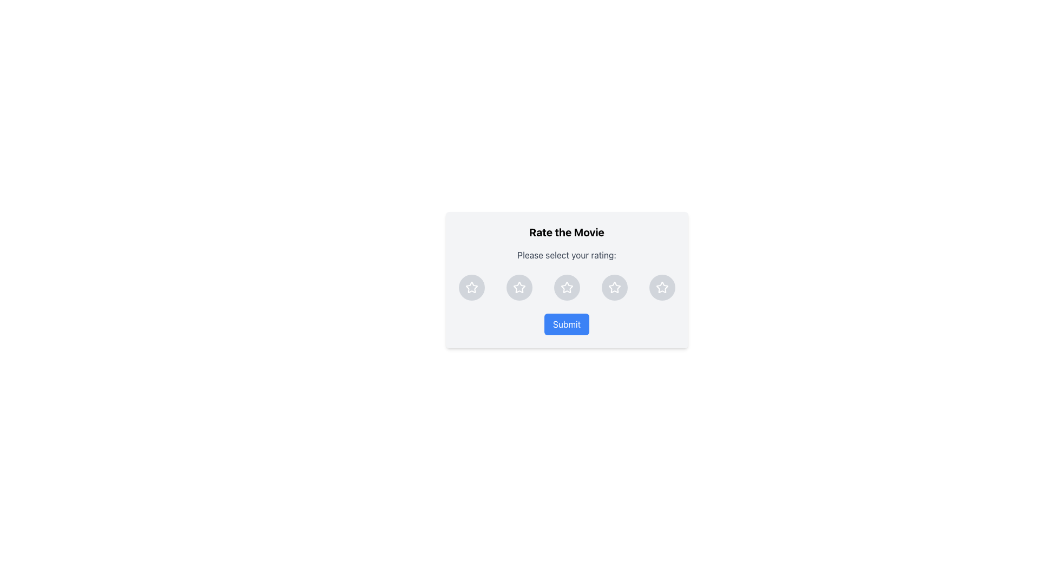 This screenshot has width=1039, height=584. Describe the element at coordinates (471, 287) in the screenshot. I see `the leftmost star icon in the horizontal row of five star-shaped icons` at that location.